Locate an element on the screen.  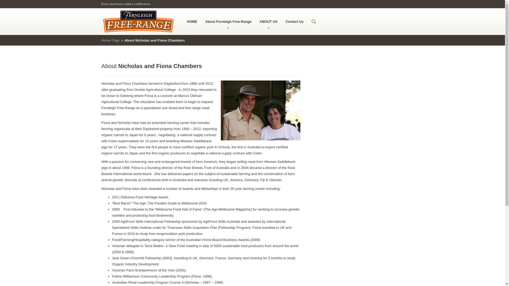
'Contact Us' is located at coordinates (294, 21).